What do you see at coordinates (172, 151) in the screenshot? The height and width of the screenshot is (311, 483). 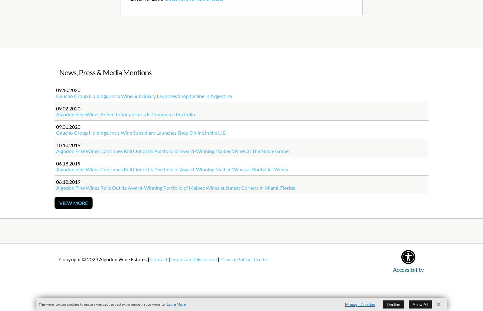 I see `'Algodon Fine Wines Continues Roll Out of its Portfolio of Award-Winning Malbec Wines at The Noble Grape'` at bounding box center [172, 151].